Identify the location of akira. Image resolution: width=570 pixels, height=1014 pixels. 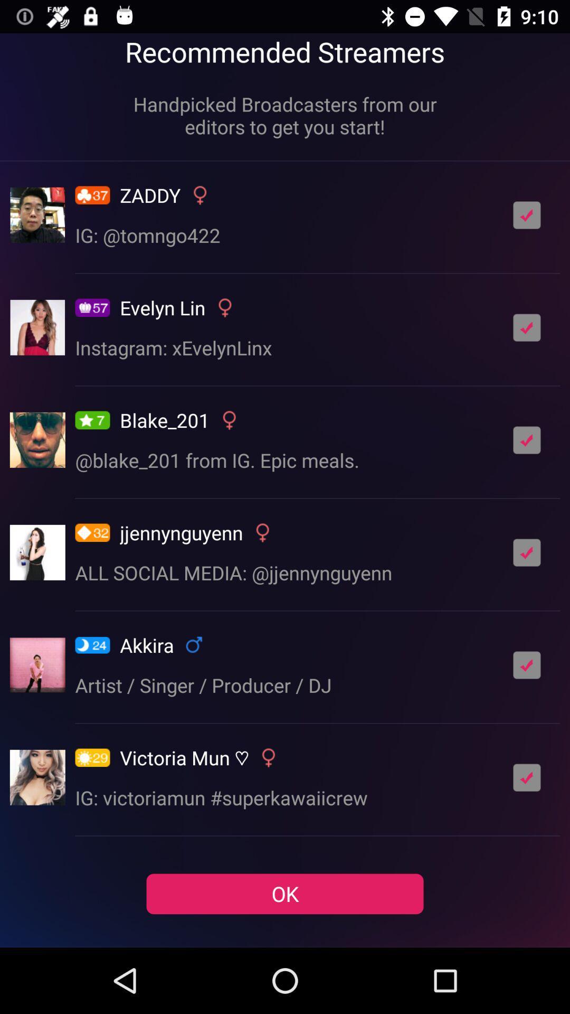
(527, 664).